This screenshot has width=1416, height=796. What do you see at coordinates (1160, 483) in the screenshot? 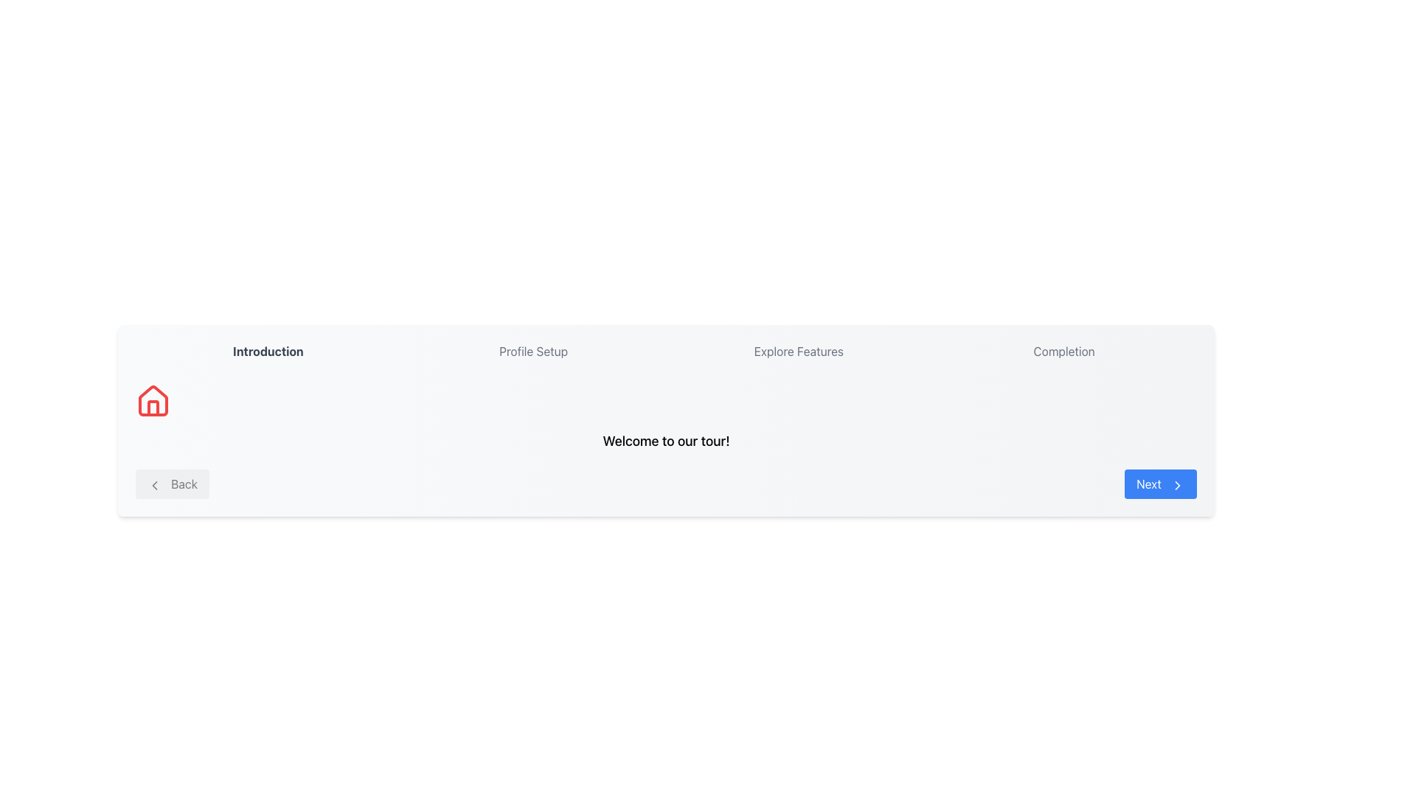
I see `the blue 'Next' button with rounded edges and white text` at bounding box center [1160, 483].